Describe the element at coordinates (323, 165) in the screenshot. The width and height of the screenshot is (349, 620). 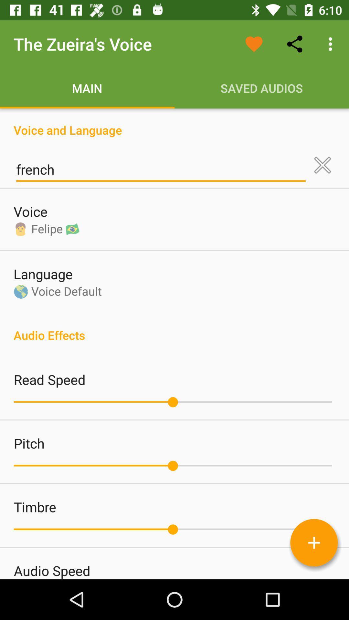
I see `icon above the audio effects` at that location.